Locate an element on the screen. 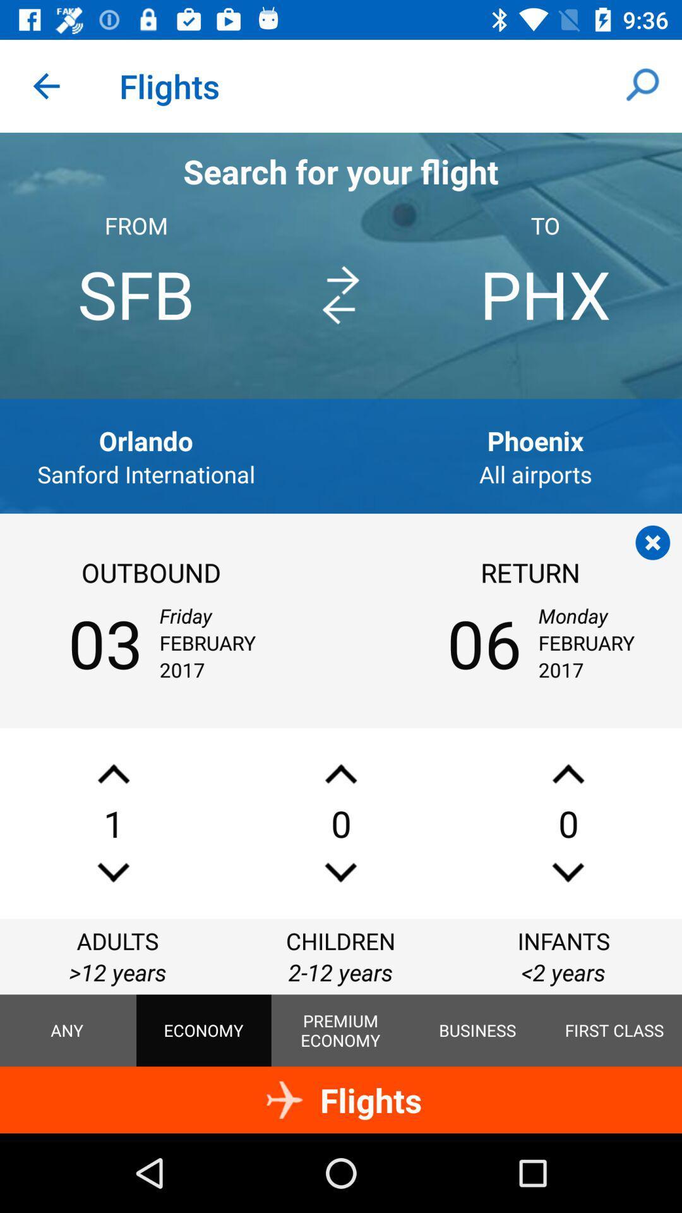  subtract children is located at coordinates (341, 872).